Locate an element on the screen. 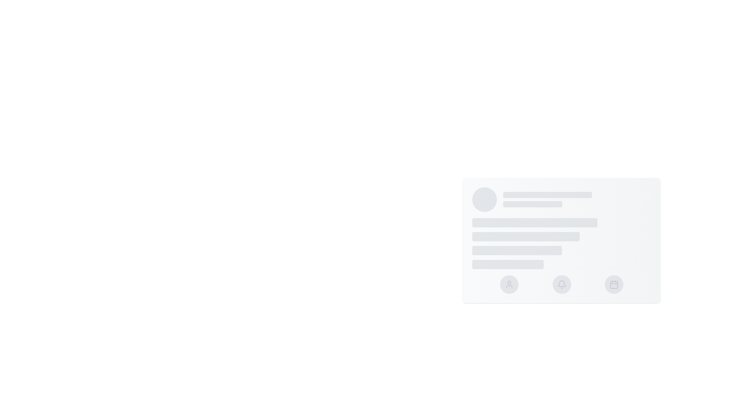 This screenshot has height=417, width=742. the Loading placeholder element, which is a light gray, rounded rectangle located at the top of a vertically stacked group of similar elements in the lower right quadrant of the interface is located at coordinates (547, 195).